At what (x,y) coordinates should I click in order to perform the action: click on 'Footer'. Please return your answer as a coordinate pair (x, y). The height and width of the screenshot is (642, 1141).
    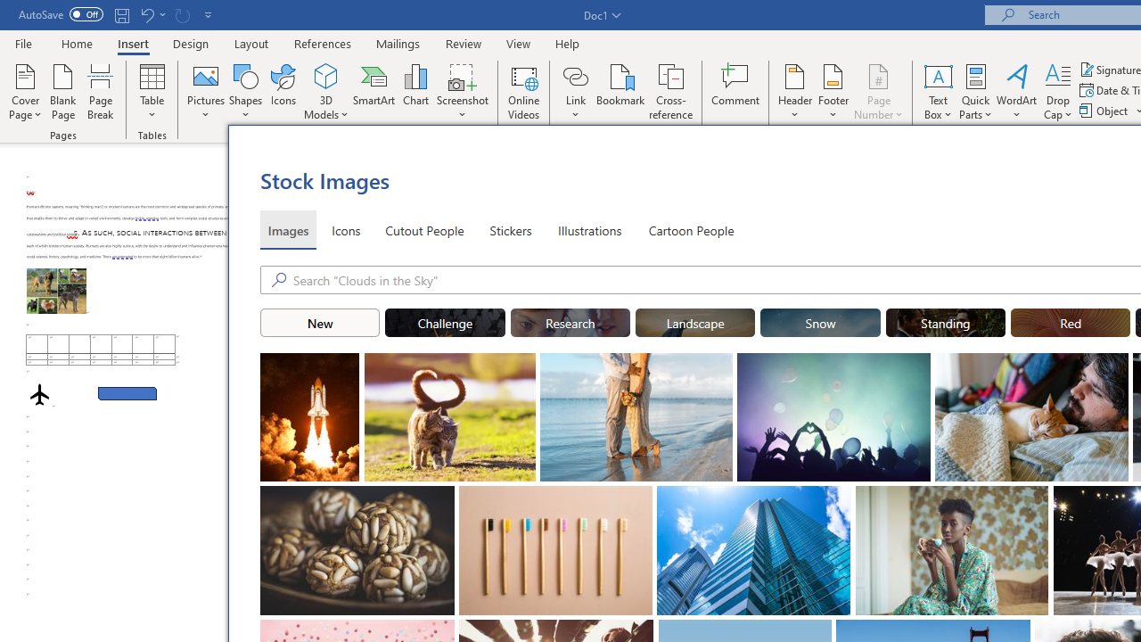
    Looking at the image, I should click on (833, 92).